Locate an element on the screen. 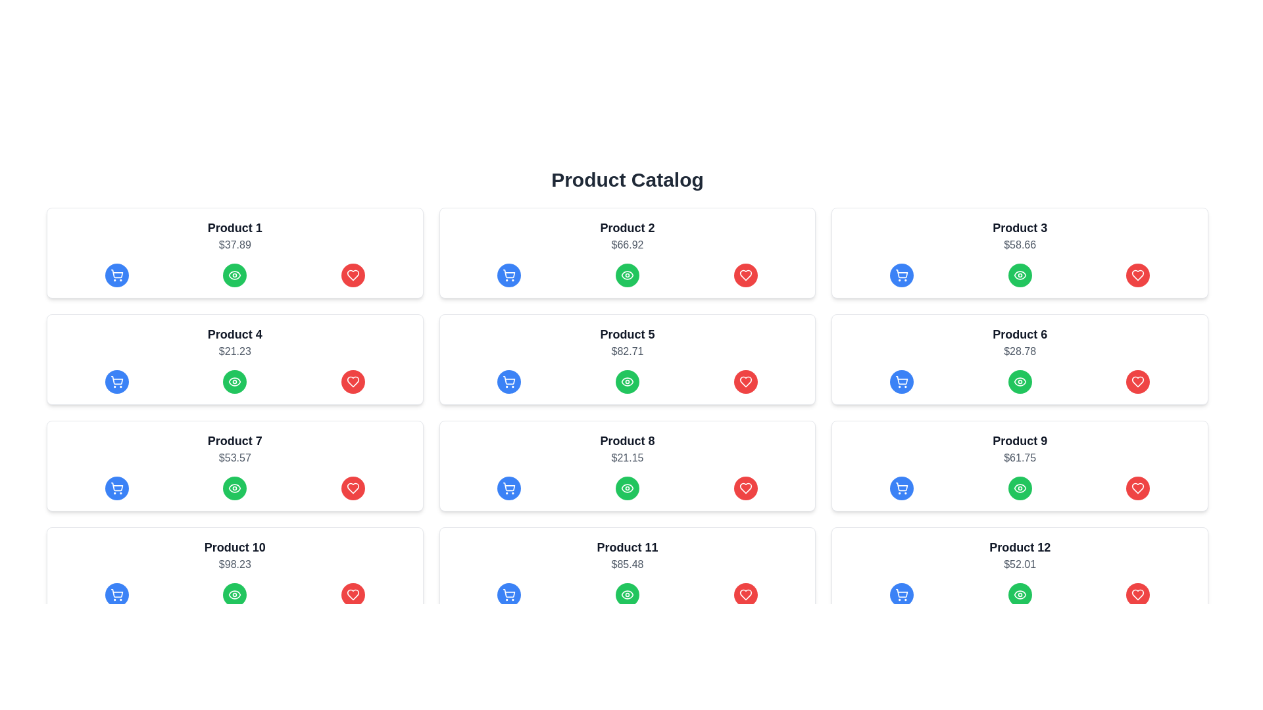 The image size is (1263, 710). the product card labeled 'Product 5', which features a highlighted price of '$82.71' and three buttons at the bottom is located at coordinates (627, 360).